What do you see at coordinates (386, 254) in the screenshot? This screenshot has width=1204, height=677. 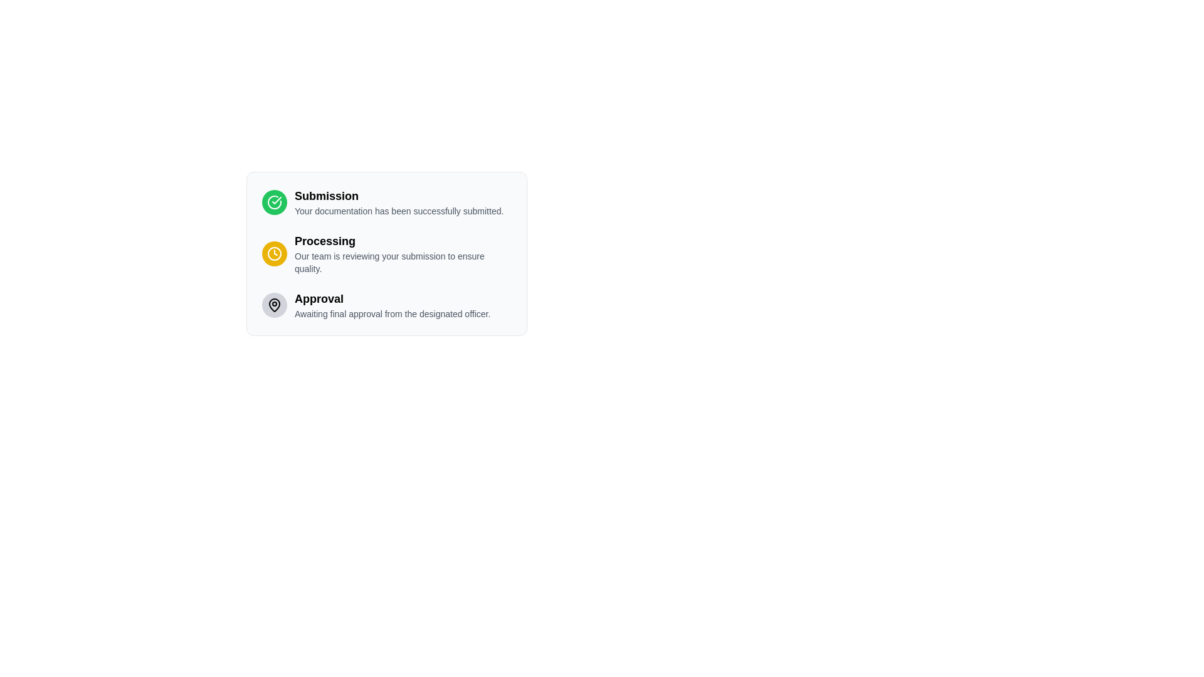 I see `the centrally placed Information Block that details the stages of submission, processing, and approval` at bounding box center [386, 254].